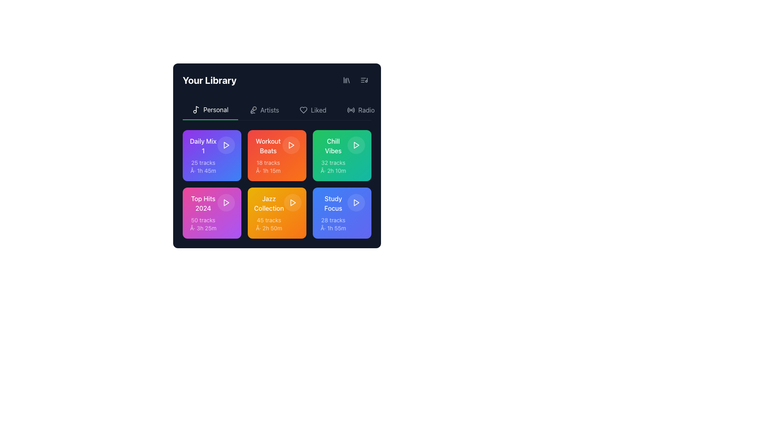 Image resolution: width=766 pixels, height=431 pixels. I want to click on the interactive music playlist card located in the bottom-right corner, so click(342, 212).